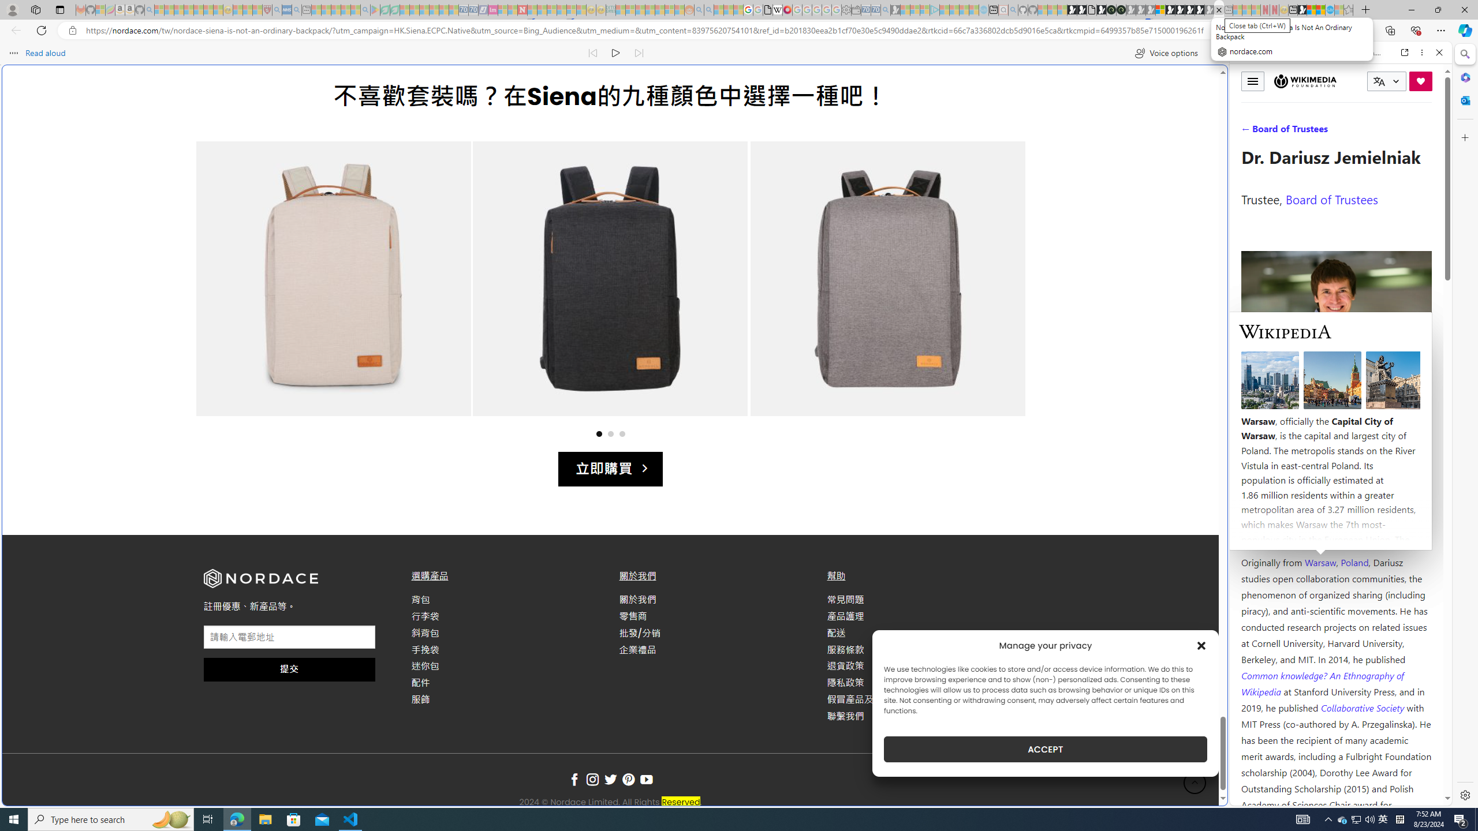 The width and height of the screenshot is (1478, 831). I want to click on 'Kozminski University', so click(1336, 493).